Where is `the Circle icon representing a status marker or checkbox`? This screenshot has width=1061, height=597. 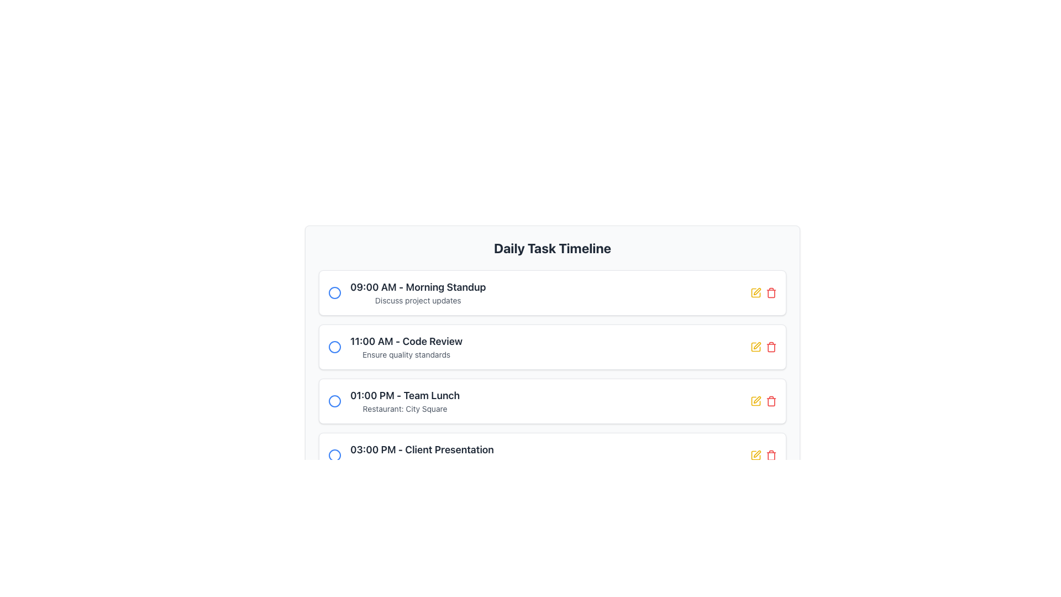
the Circle icon representing a status marker or checkbox is located at coordinates (334, 455).